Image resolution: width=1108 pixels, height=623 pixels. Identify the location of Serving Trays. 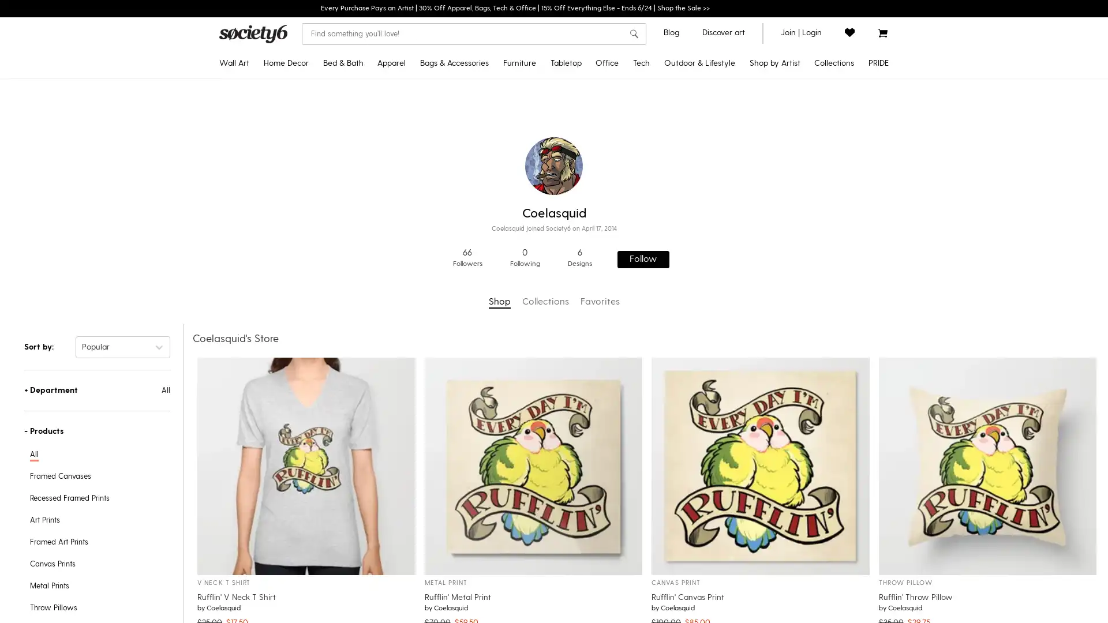
(587, 260).